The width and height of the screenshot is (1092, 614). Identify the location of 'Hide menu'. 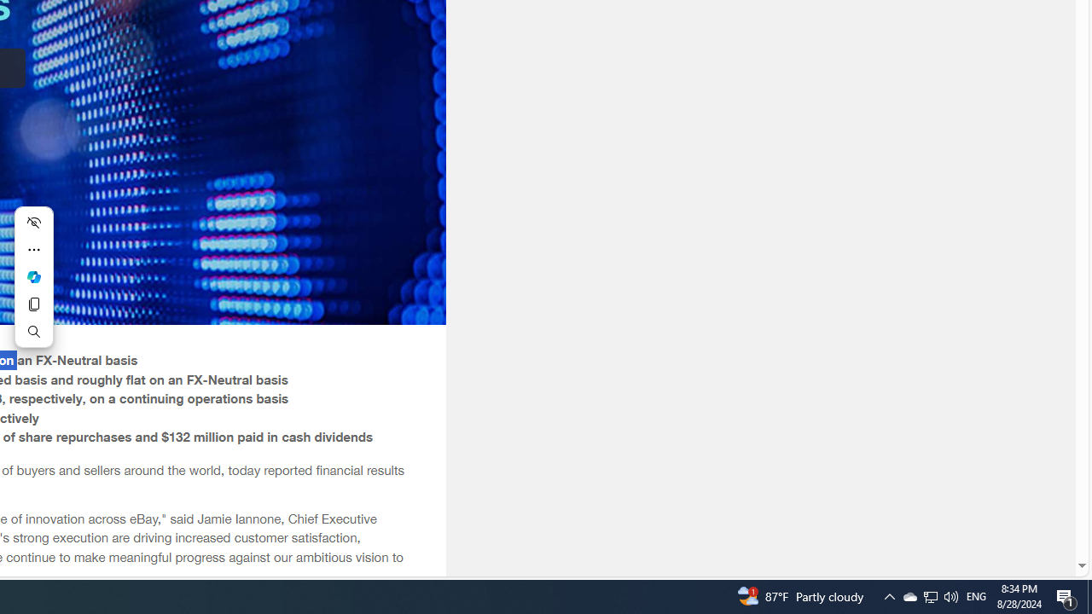
(33, 222).